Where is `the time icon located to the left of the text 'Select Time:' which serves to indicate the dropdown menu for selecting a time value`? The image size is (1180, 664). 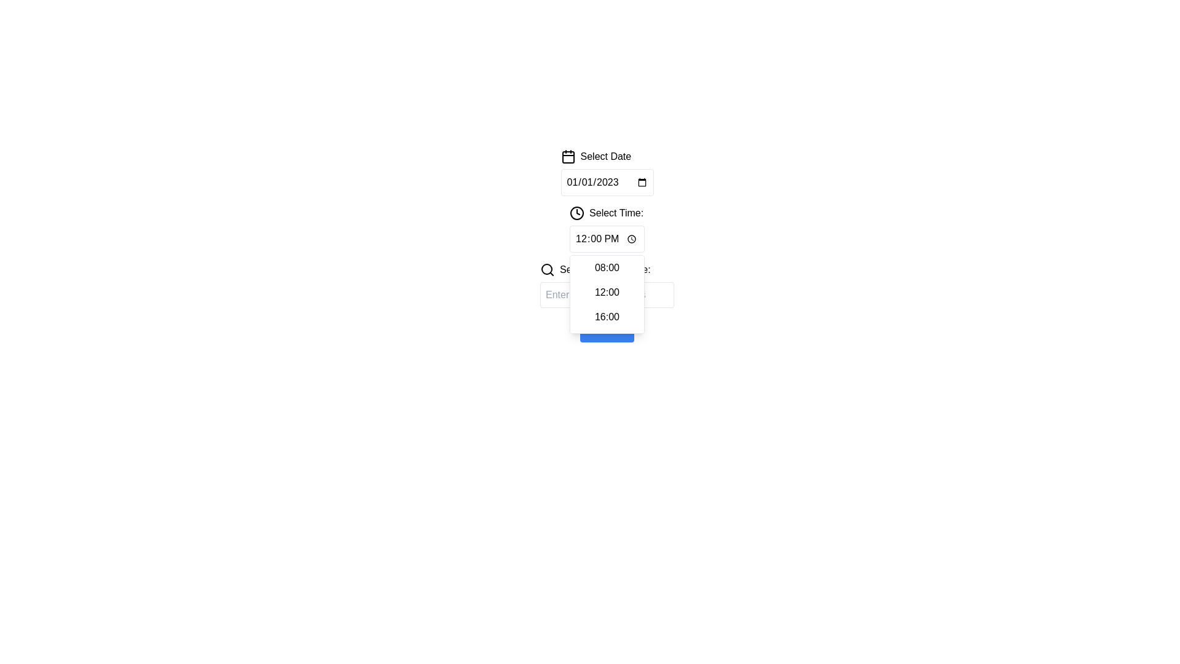
the time icon located to the left of the text 'Select Time:' which serves to indicate the dropdown menu for selecting a time value is located at coordinates (576, 213).